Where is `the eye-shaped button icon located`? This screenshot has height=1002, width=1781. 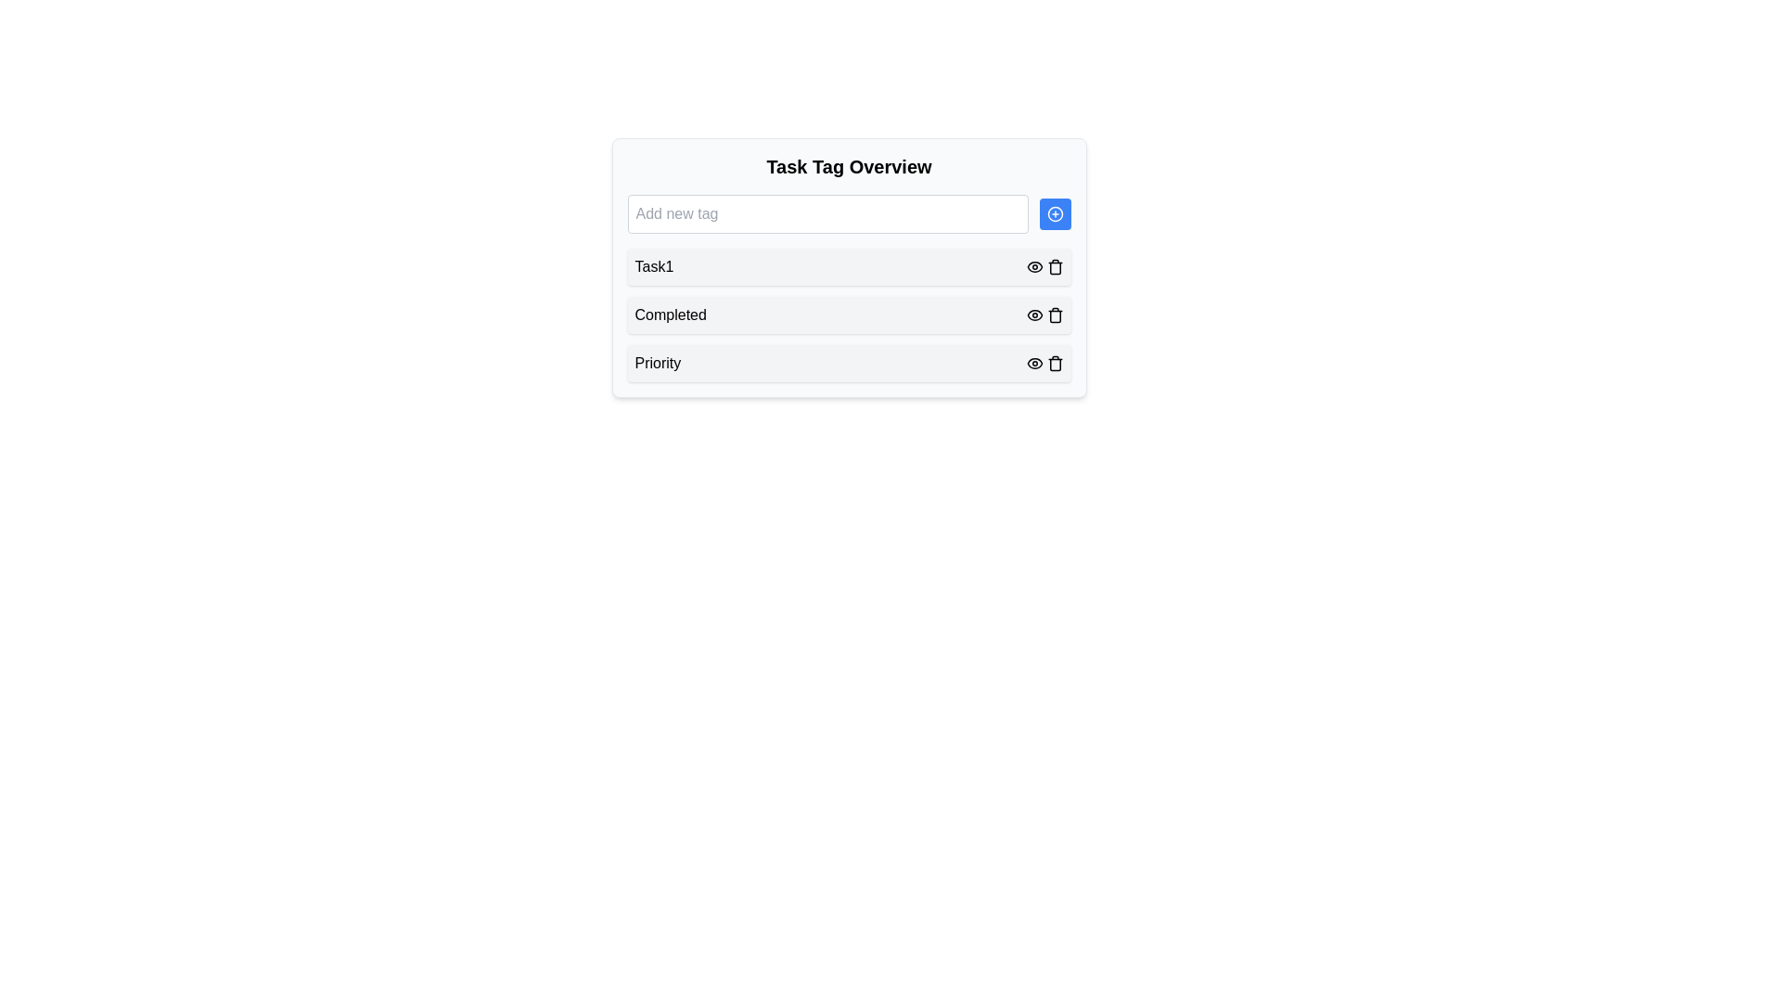 the eye-shaped button icon located is located at coordinates (1033, 314).